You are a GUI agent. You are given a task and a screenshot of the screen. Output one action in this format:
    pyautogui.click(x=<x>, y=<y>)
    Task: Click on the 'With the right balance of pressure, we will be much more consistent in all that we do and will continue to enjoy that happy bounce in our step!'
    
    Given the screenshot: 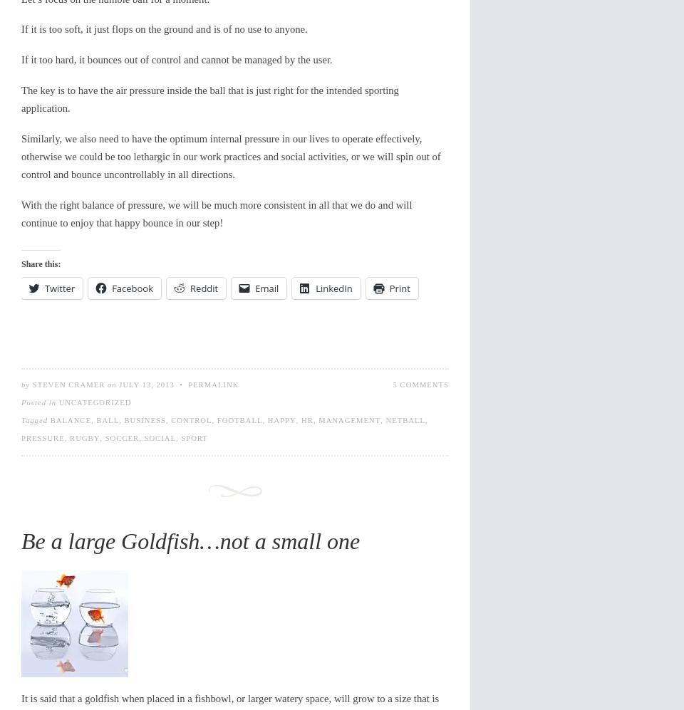 What is the action you would take?
    pyautogui.click(x=217, y=213)
    